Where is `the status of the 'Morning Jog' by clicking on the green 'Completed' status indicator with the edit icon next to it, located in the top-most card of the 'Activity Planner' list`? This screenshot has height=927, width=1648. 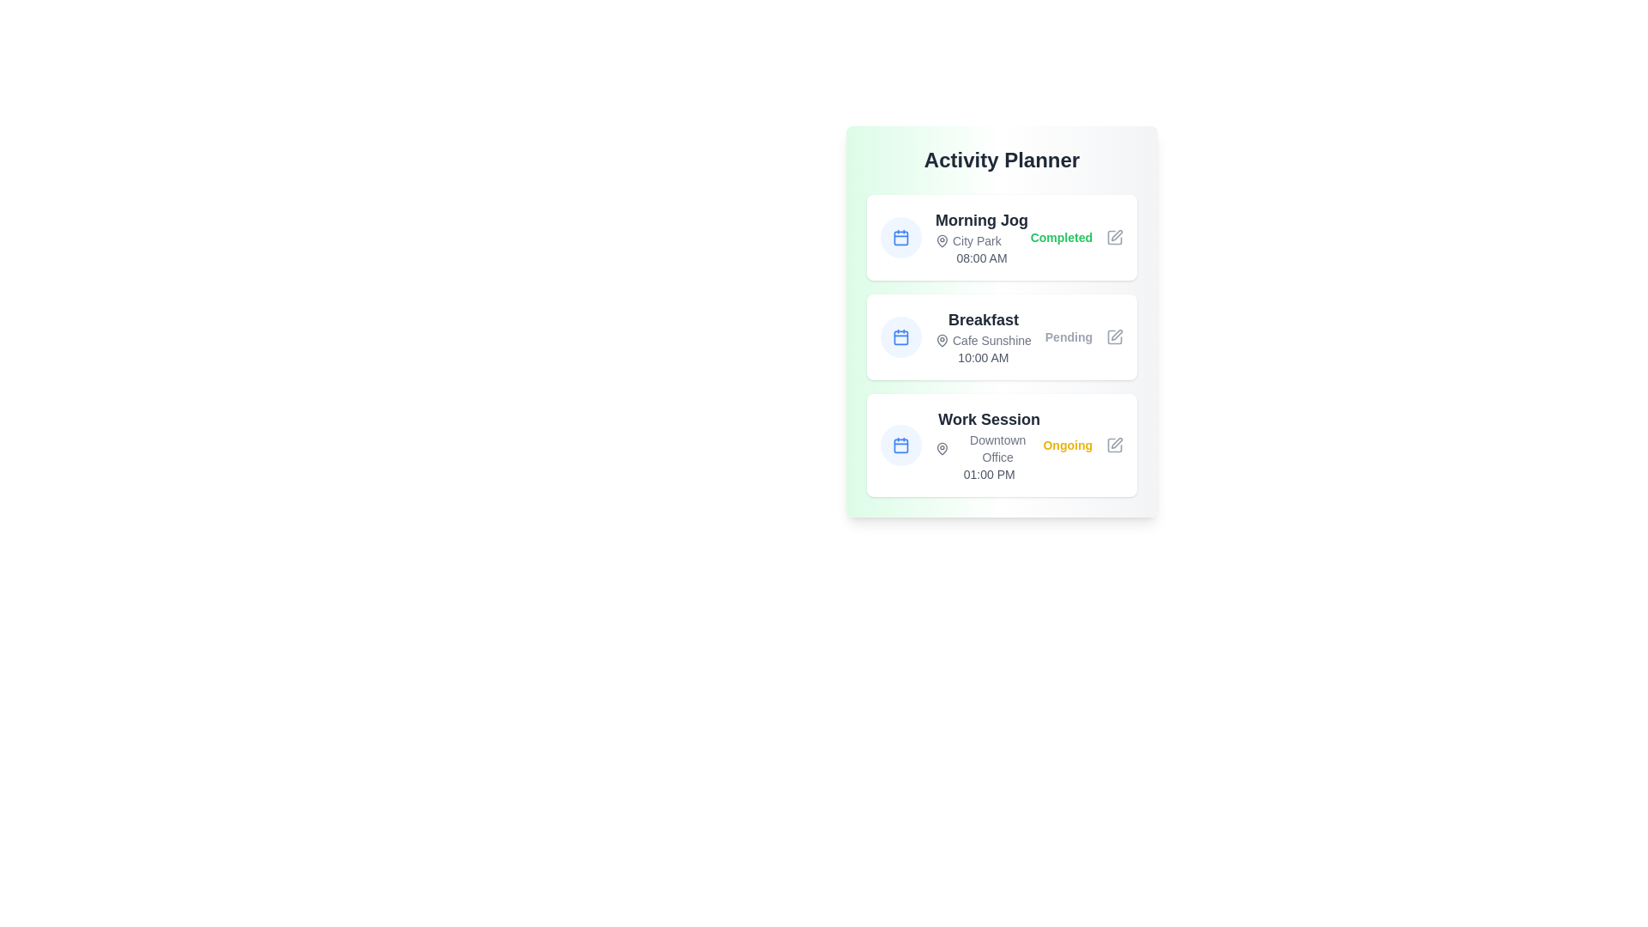 the status of the 'Morning Jog' by clicking on the green 'Completed' status indicator with the edit icon next to it, located in the top-most card of the 'Activity Planner' list is located at coordinates (1075, 238).